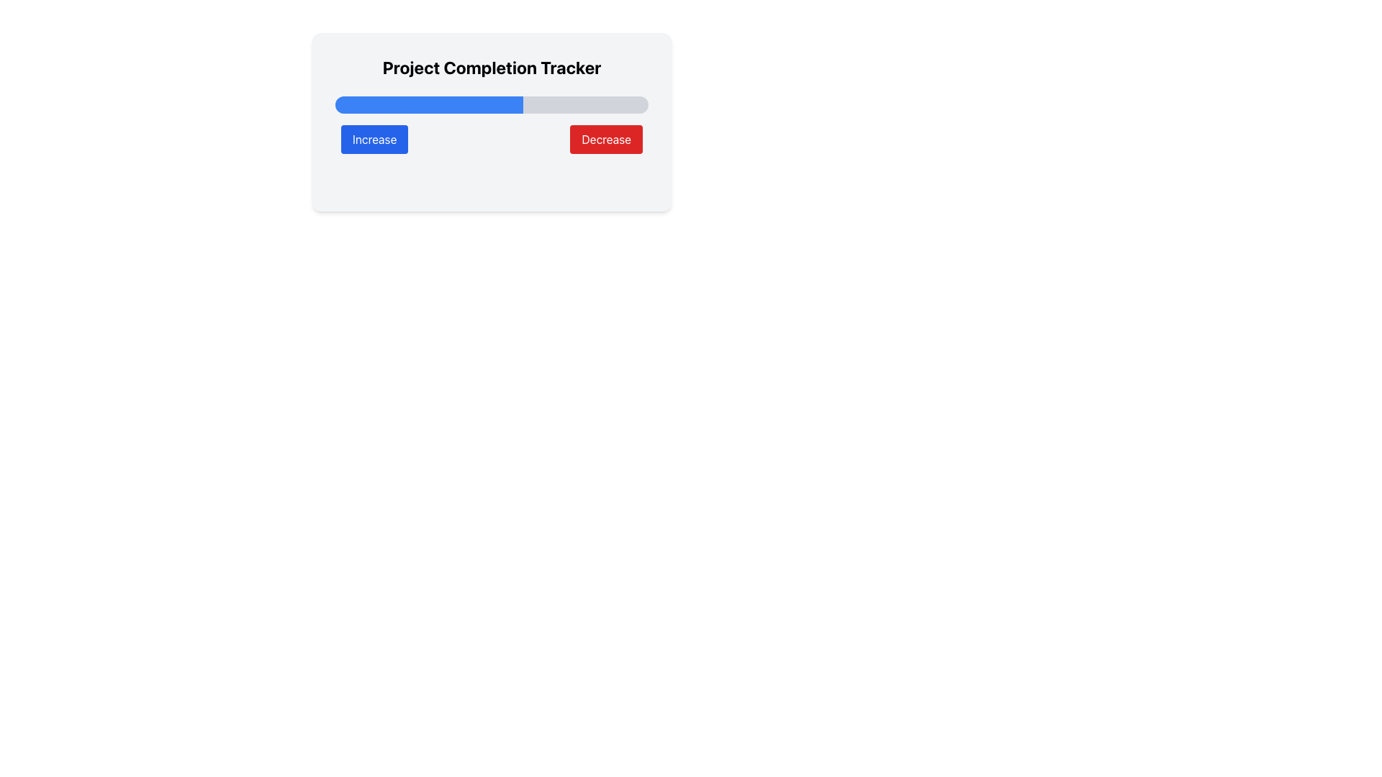  Describe the element at coordinates (506, 179) in the screenshot. I see `the circular SVG component located at the center below the 'Project Completion Tracker' interface` at that location.